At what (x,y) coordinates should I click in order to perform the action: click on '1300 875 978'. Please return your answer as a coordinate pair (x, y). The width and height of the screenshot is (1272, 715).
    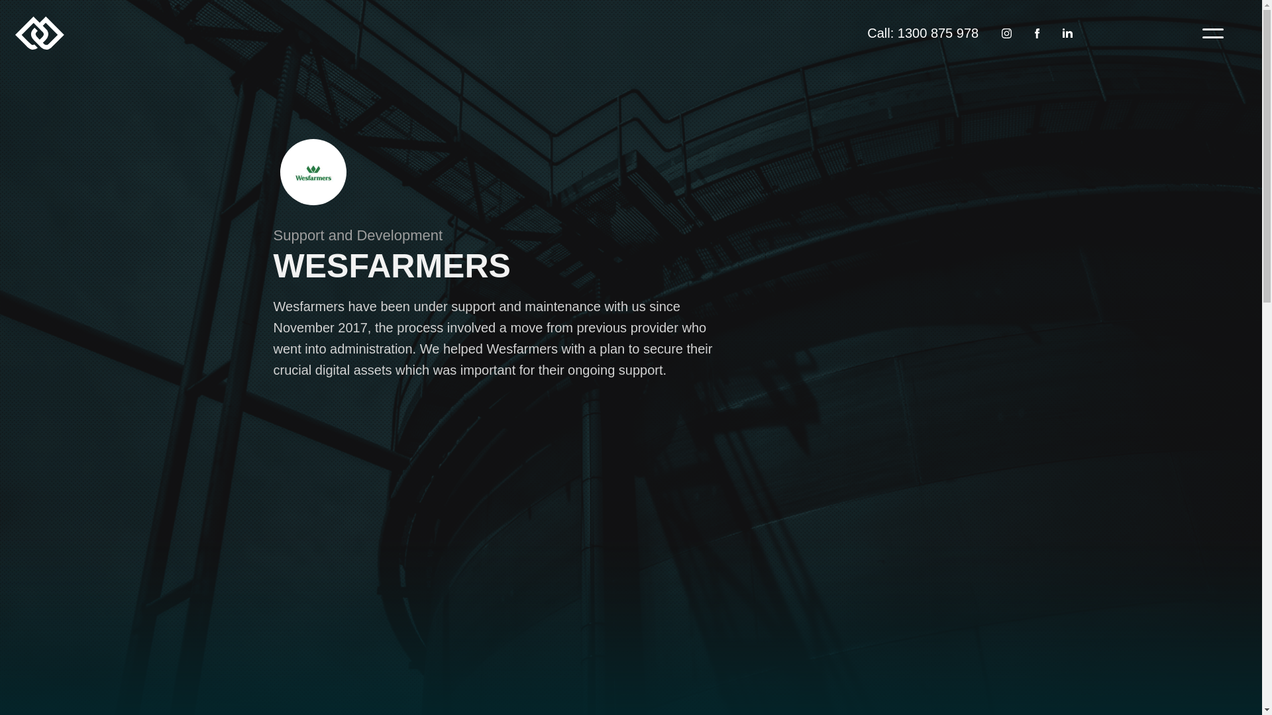
    Looking at the image, I should click on (937, 32).